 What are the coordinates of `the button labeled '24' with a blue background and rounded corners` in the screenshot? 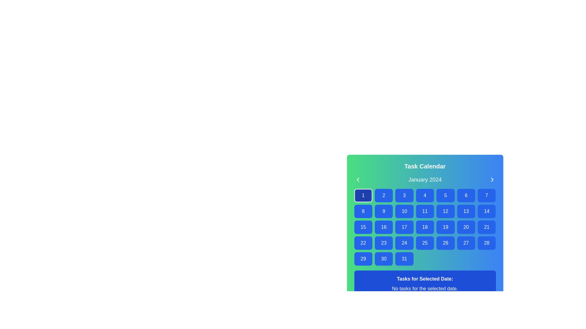 It's located at (404, 243).